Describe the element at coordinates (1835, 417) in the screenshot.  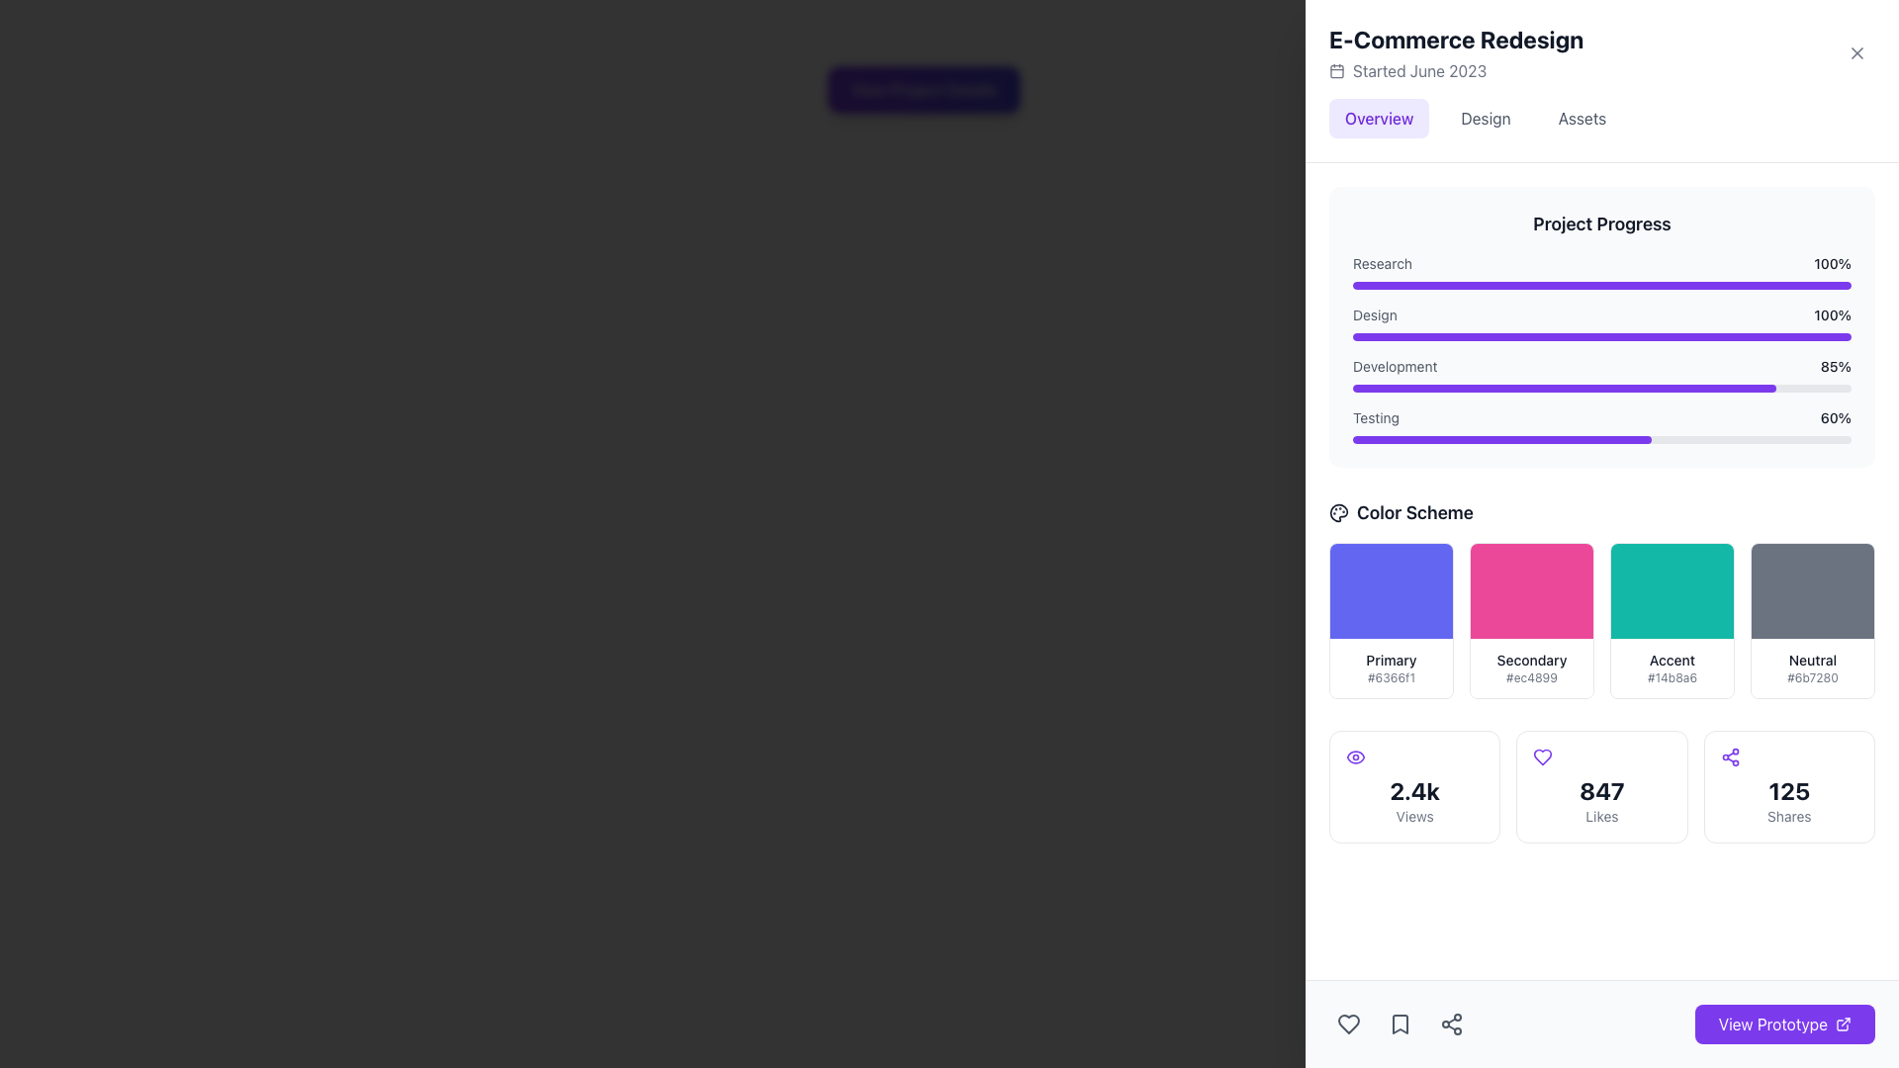
I see `numerical text value representing the completion level for the 'Testing' phase, located in the top-right corner of the Project Progress subsection next to the 'Testing' progress bar` at that location.